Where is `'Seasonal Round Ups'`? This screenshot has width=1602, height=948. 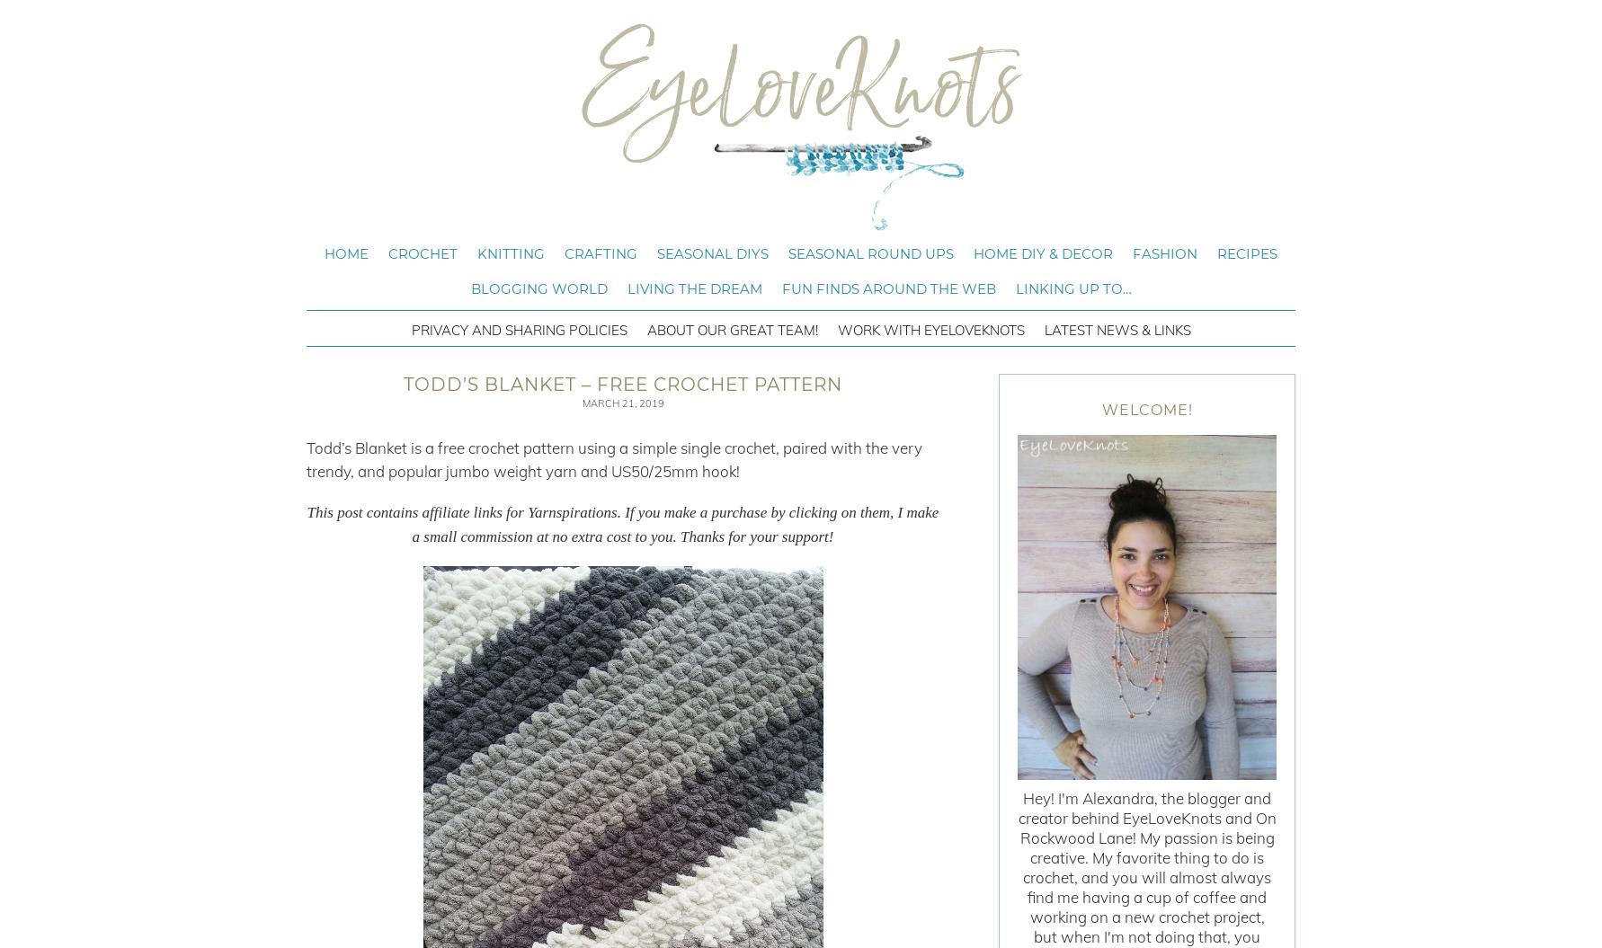
'Seasonal Round Ups' is located at coordinates (871, 253).